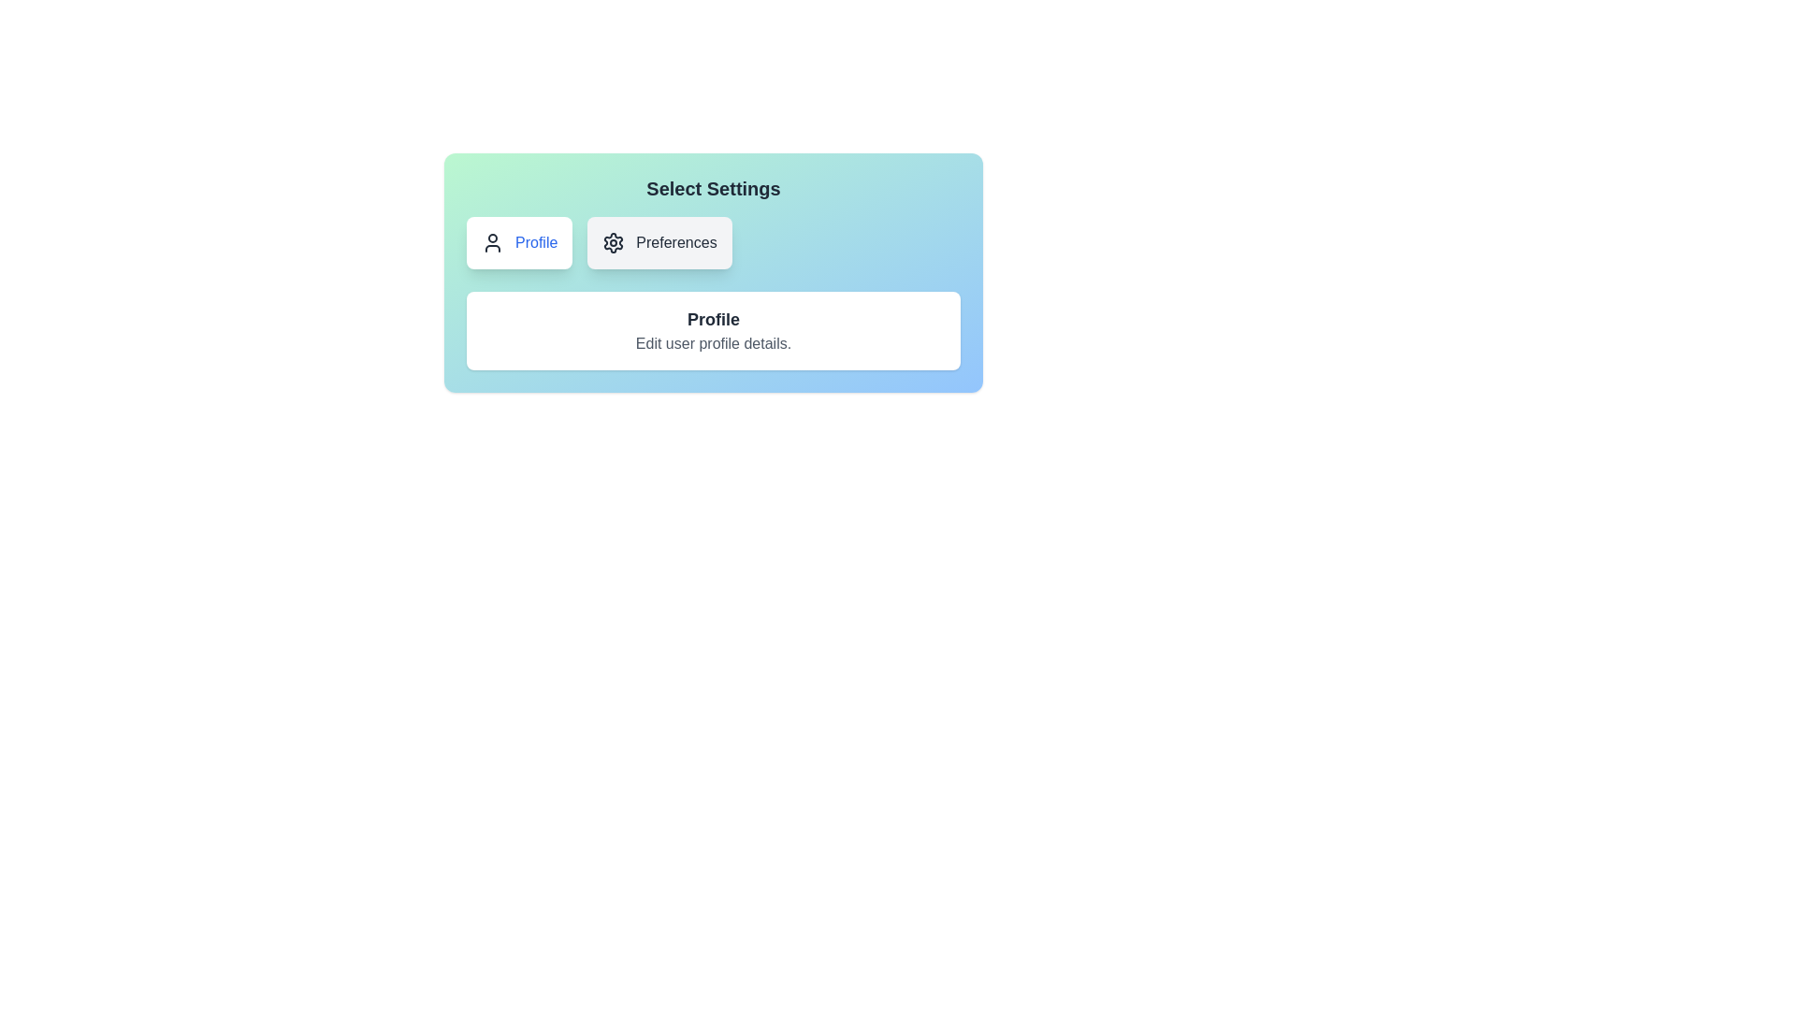  What do you see at coordinates (535, 241) in the screenshot?
I see `the 'Profile' text label, which is displayed in blue within a button-like structure located in the top-left section of the user settings card` at bounding box center [535, 241].